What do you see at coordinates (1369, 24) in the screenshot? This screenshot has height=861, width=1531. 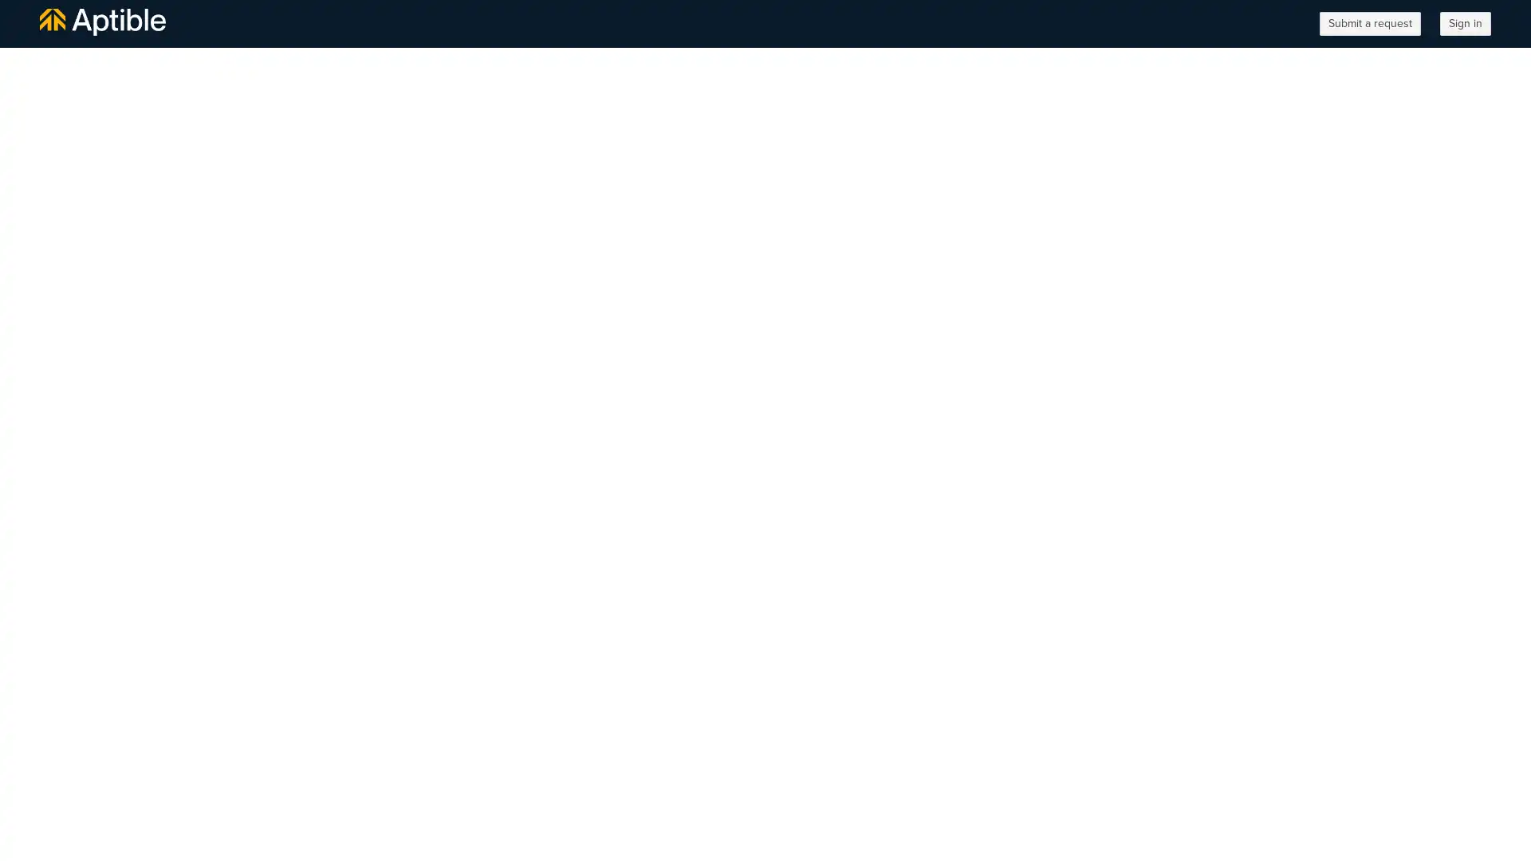 I see `Submit a request` at bounding box center [1369, 24].